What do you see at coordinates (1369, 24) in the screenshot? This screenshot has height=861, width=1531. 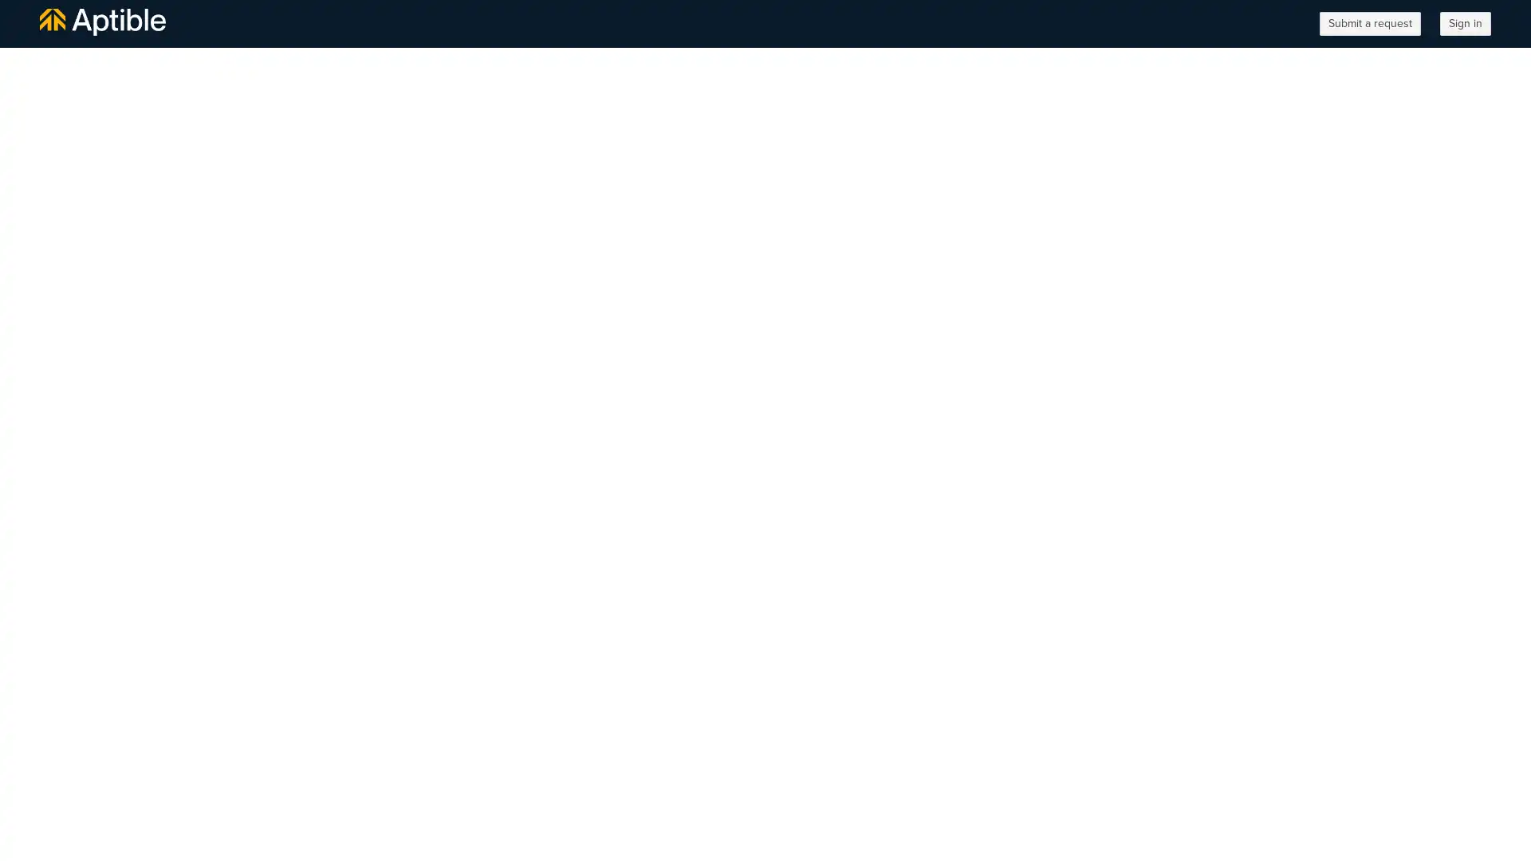 I see `Submit a request` at bounding box center [1369, 24].